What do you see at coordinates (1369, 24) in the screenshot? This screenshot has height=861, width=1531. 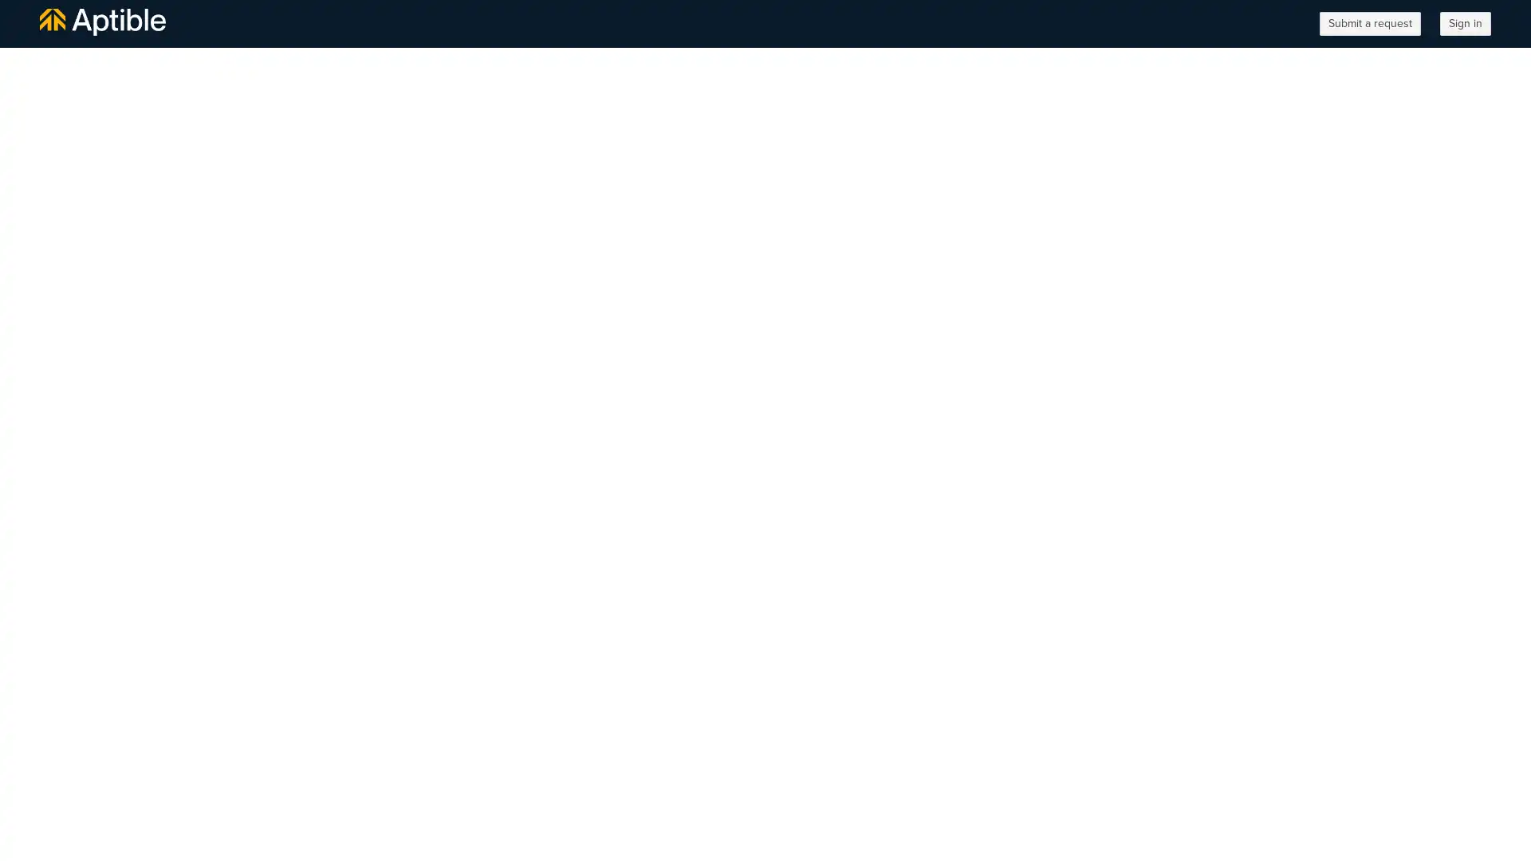 I see `Submit a request` at bounding box center [1369, 24].